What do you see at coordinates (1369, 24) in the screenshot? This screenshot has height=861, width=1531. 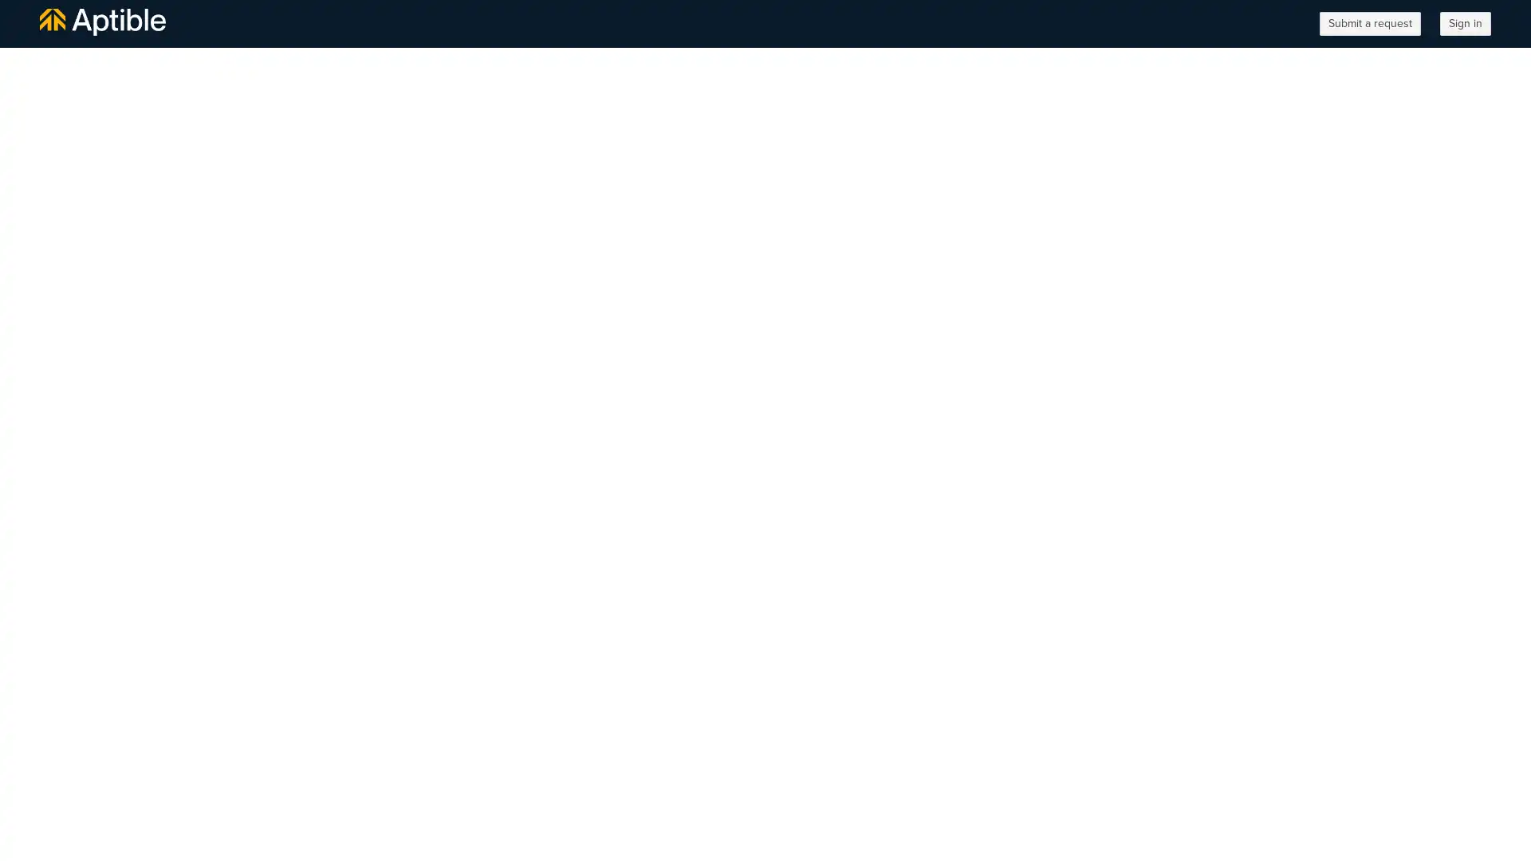 I see `Submit a request` at bounding box center [1369, 24].